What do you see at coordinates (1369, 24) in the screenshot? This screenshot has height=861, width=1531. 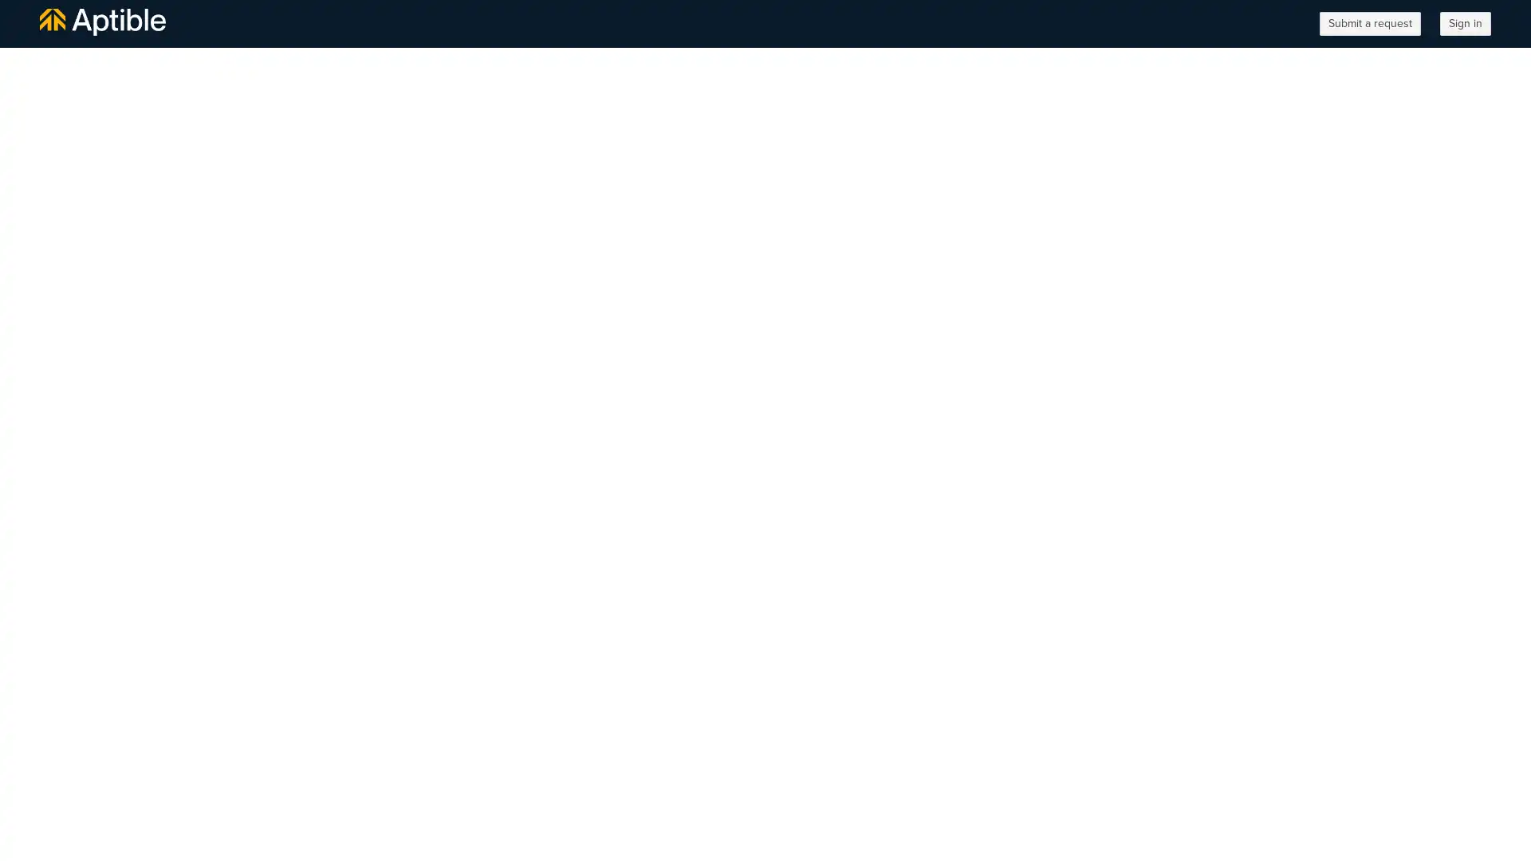 I see `Submit a request` at bounding box center [1369, 24].